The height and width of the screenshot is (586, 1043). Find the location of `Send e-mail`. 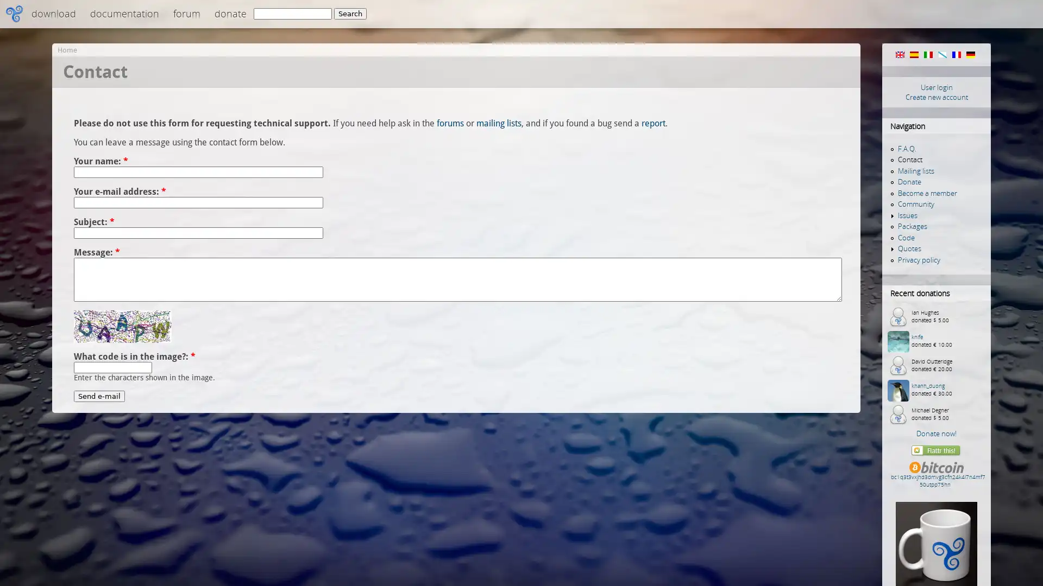

Send e-mail is located at coordinates (99, 396).